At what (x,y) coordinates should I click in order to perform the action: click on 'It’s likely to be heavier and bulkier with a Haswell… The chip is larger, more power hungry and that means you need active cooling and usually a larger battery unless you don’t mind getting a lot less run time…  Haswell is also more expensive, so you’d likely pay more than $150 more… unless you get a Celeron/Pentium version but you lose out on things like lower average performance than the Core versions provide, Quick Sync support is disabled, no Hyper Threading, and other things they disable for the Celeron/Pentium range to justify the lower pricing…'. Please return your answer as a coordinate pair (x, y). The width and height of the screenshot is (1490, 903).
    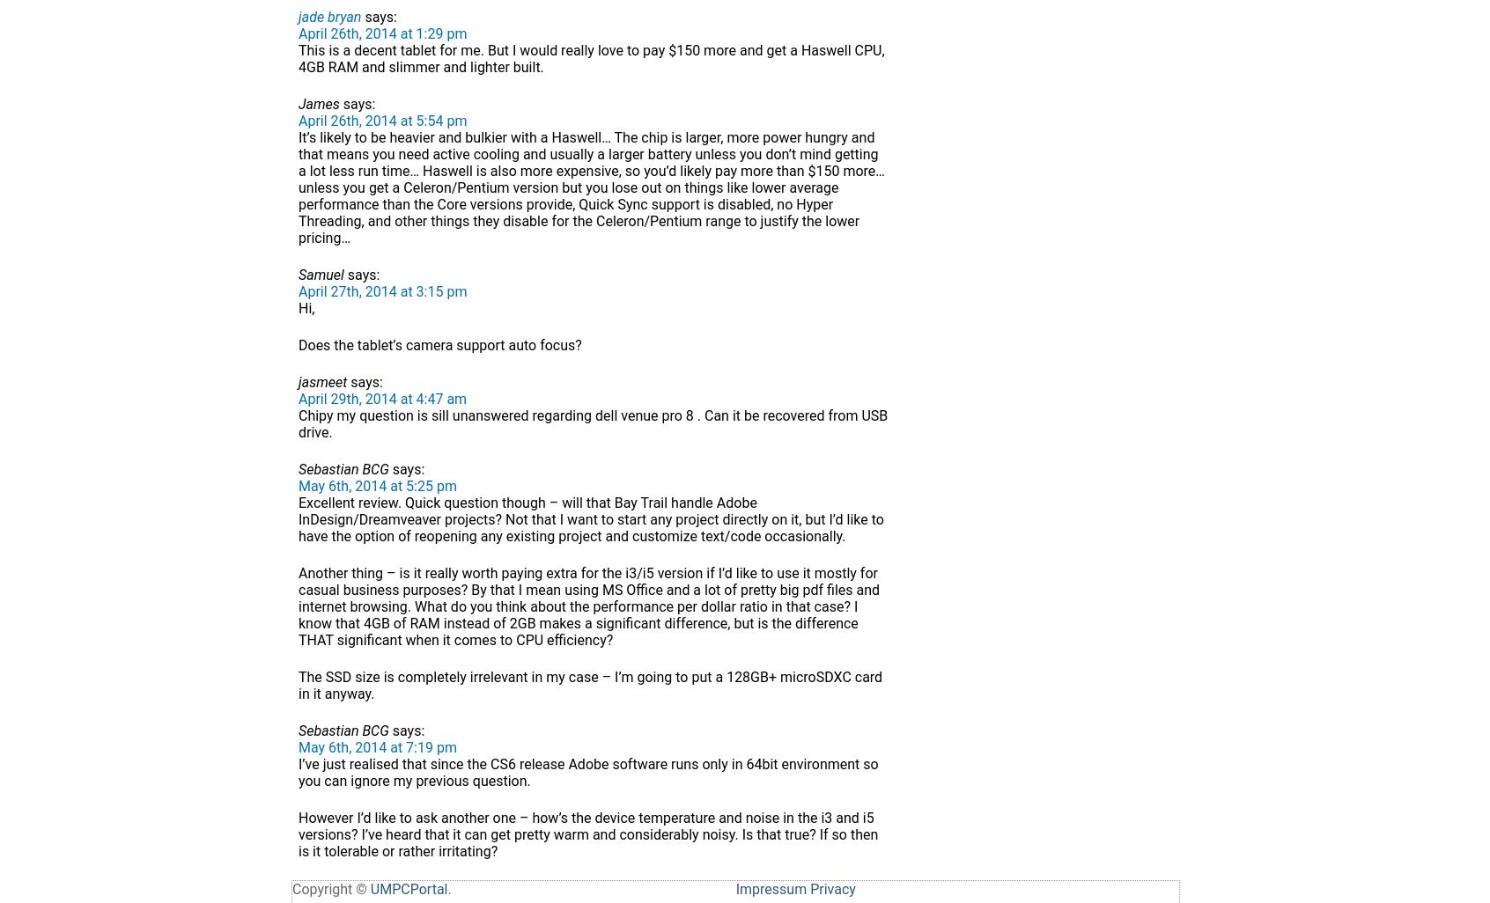
    Looking at the image, I should click on (592, 187).